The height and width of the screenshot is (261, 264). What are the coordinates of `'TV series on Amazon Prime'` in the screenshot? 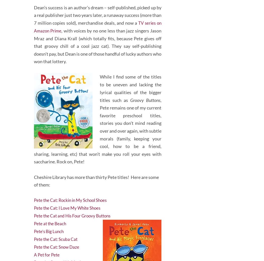 It's located at (98, 23).